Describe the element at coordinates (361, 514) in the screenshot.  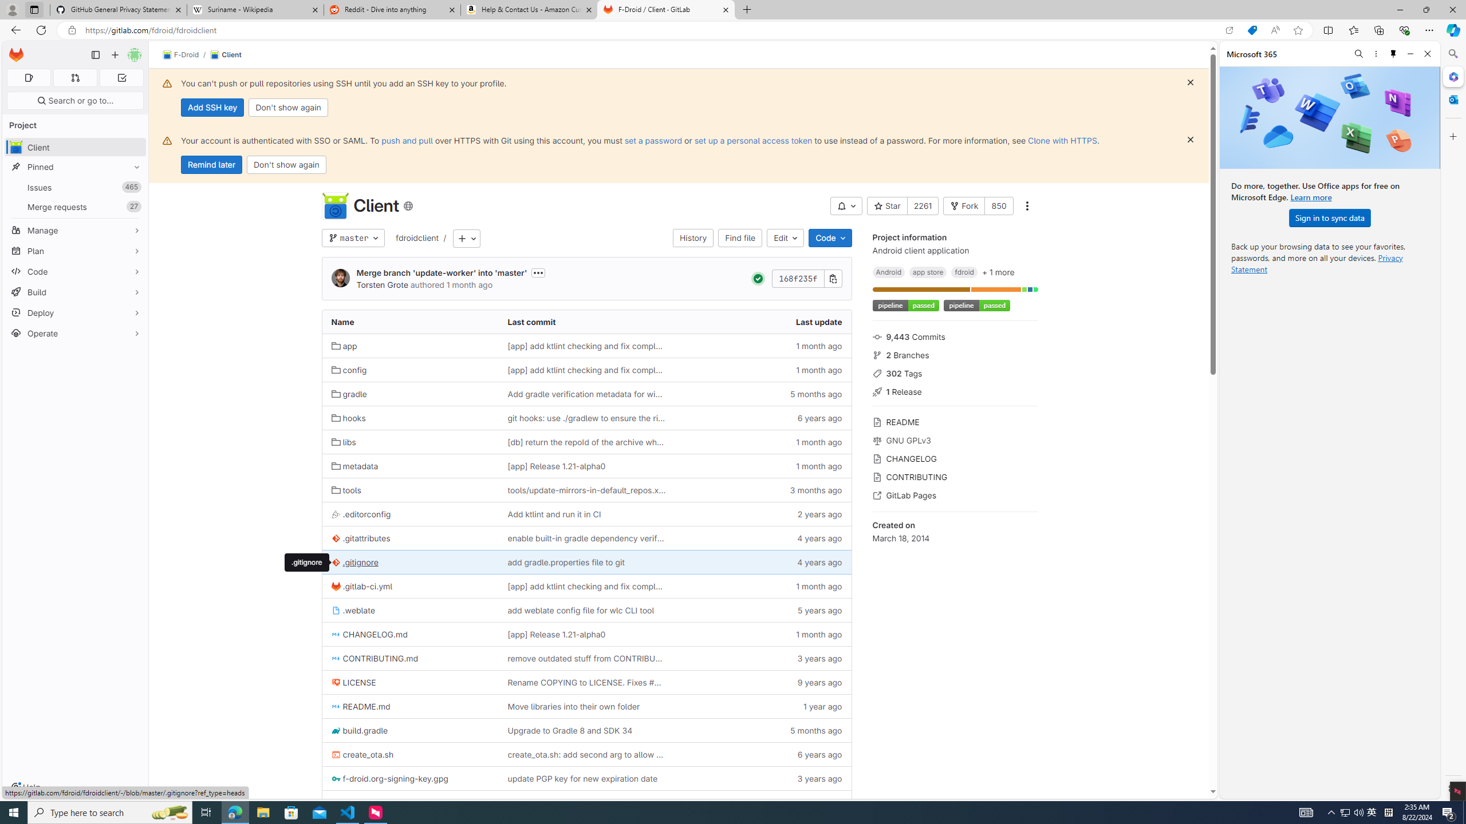
I see `'.editorconfig'` at that location.